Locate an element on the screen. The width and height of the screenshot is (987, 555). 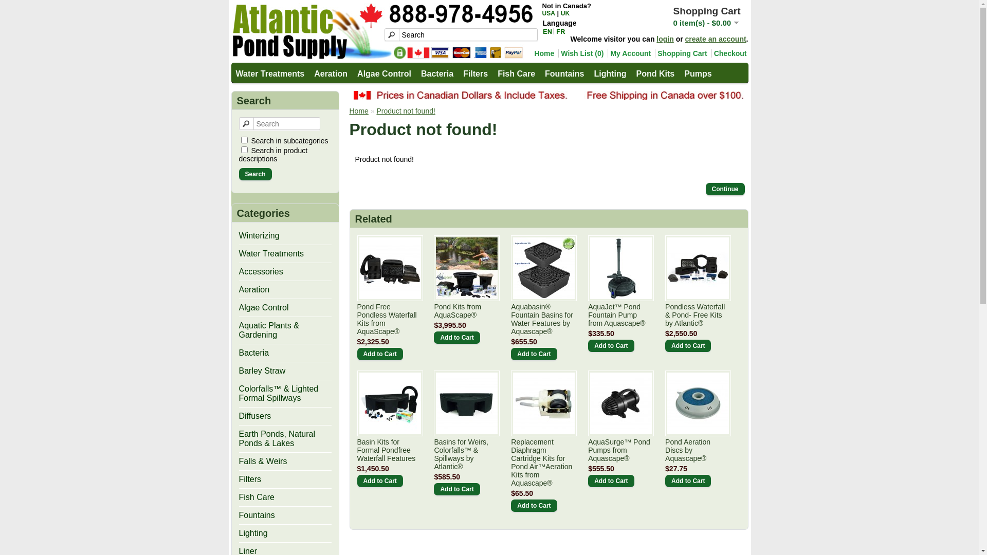
'Wish List (0)' is located at coordinates (580, 53).